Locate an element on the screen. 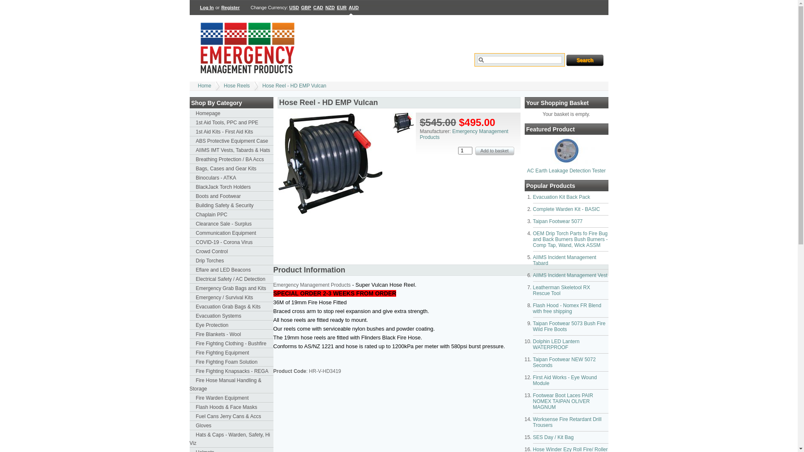 The height and width of the screenshot is (452, 804). 'Evacuation Systems' is located at coordinates (231, 316).